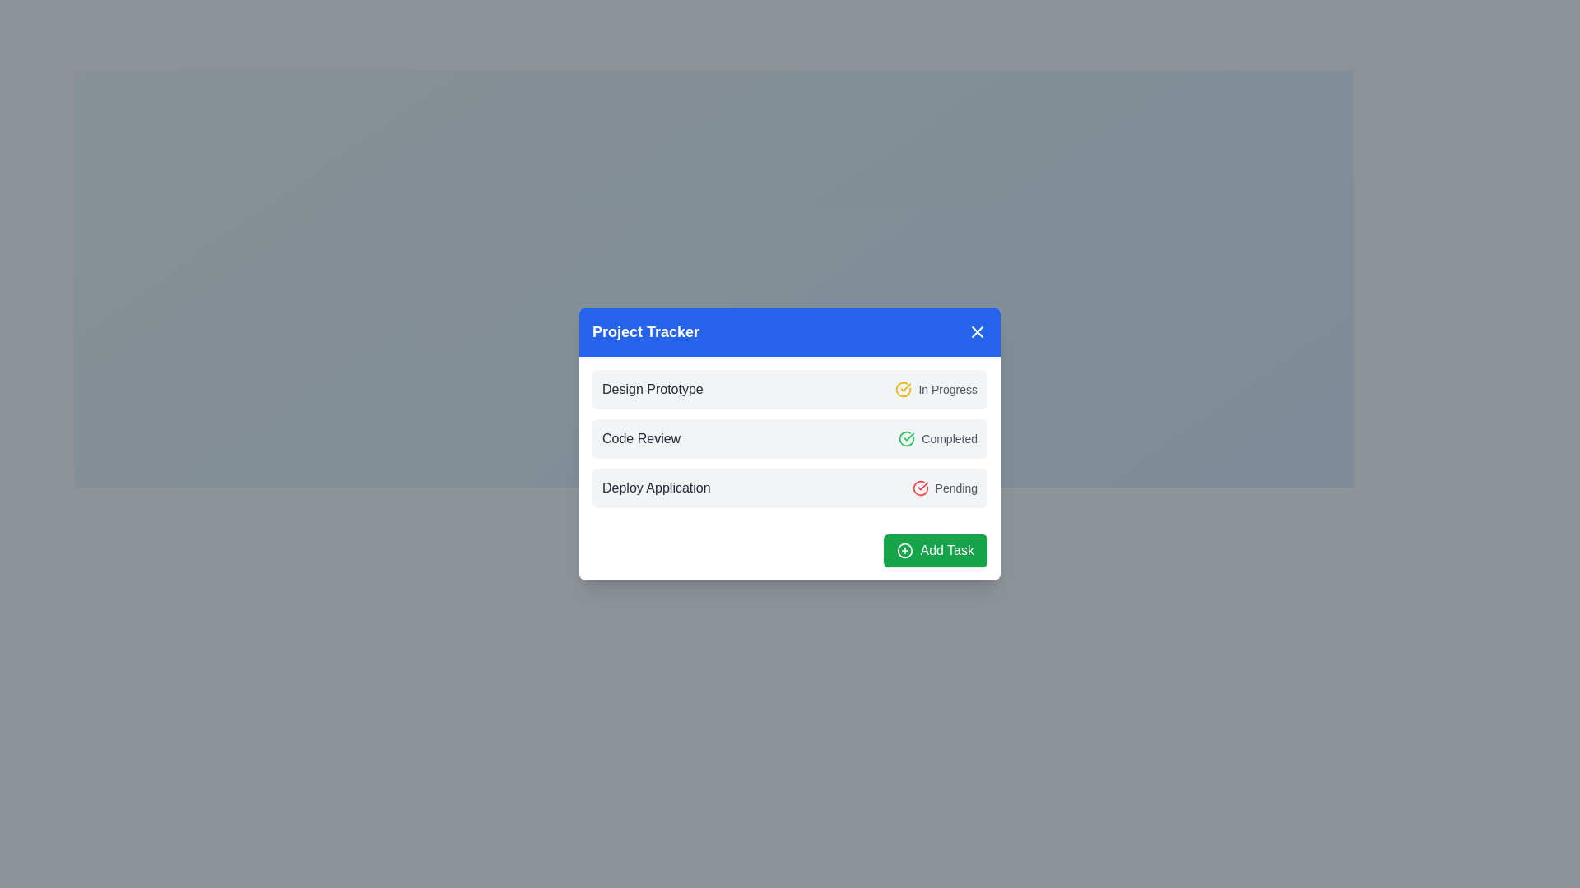  Describe the element at coordinates (903, 390) in the screenshot. I see `the 'Pending' status vector graphics element positioned to the right of the 'Deploy Application' text in the 'Project Tracker' modal` at that location.